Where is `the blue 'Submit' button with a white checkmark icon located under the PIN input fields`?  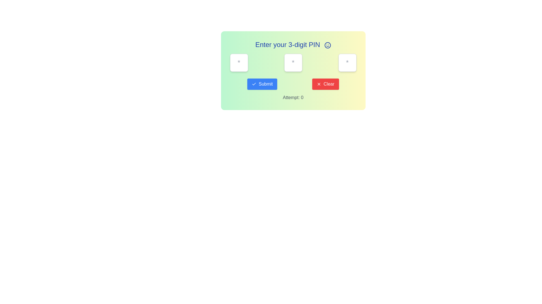 the blue 'Submit' button with a white checkmark icon located under the PIN input fields is located at coordinates (262, 84).